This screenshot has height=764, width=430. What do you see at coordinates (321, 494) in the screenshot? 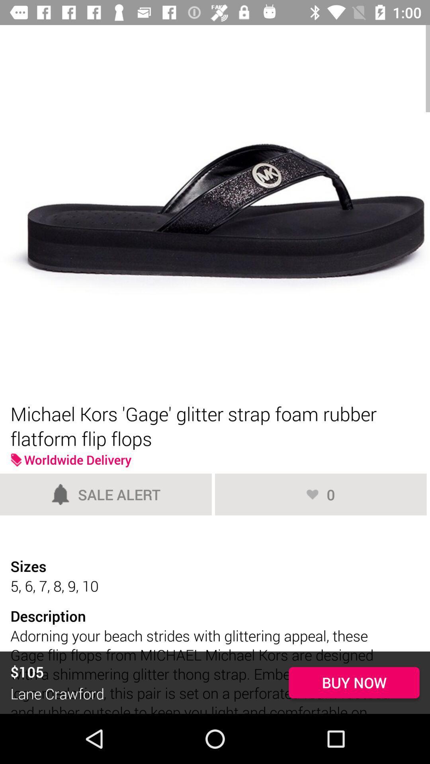
I see `grey color button with text 0` at bounding box center [321, 494].